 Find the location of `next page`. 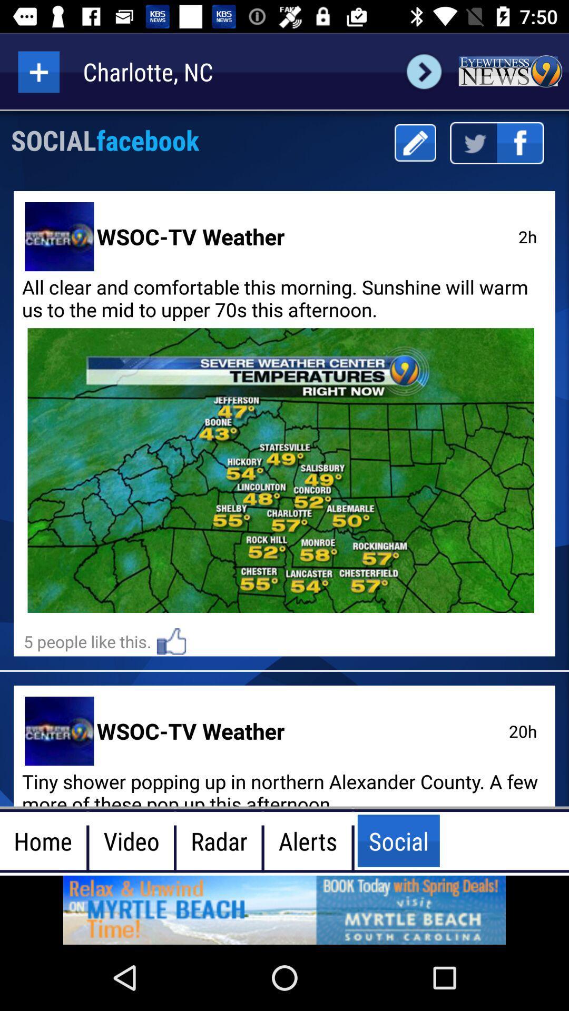

next page is located at coordinates (424, 71).